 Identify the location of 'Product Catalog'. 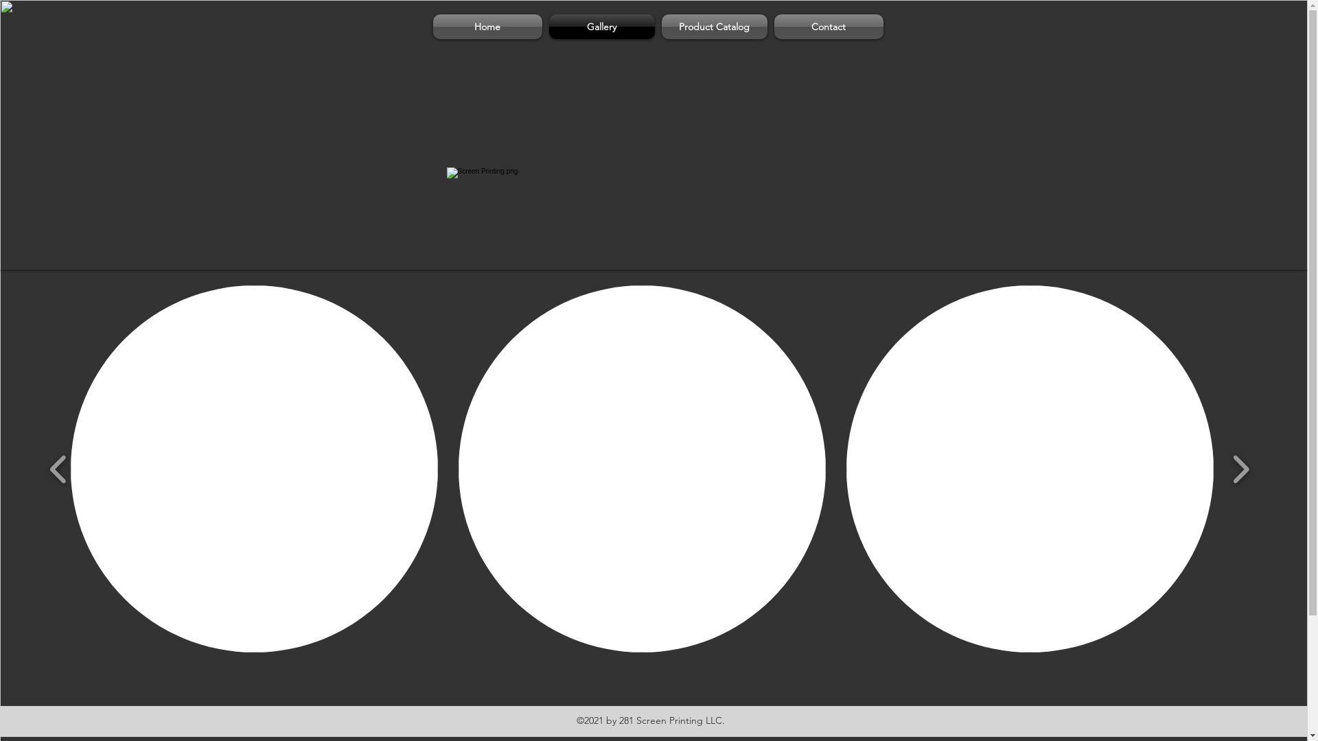
(714, 26).